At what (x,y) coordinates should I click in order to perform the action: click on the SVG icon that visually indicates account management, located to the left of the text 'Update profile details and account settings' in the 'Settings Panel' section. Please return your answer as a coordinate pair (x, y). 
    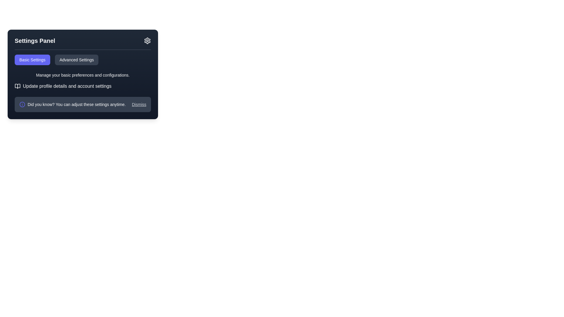
    Looking at the image, I should click on (17, 86).